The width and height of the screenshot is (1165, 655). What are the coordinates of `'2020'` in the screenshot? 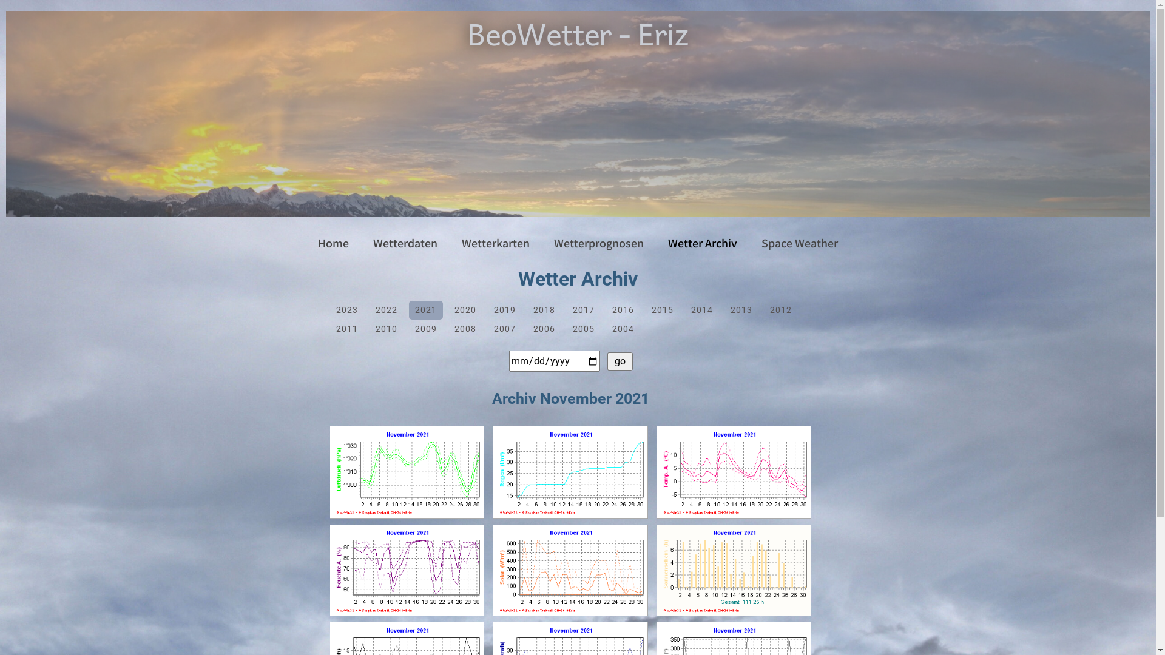 It's located at (465, 309).